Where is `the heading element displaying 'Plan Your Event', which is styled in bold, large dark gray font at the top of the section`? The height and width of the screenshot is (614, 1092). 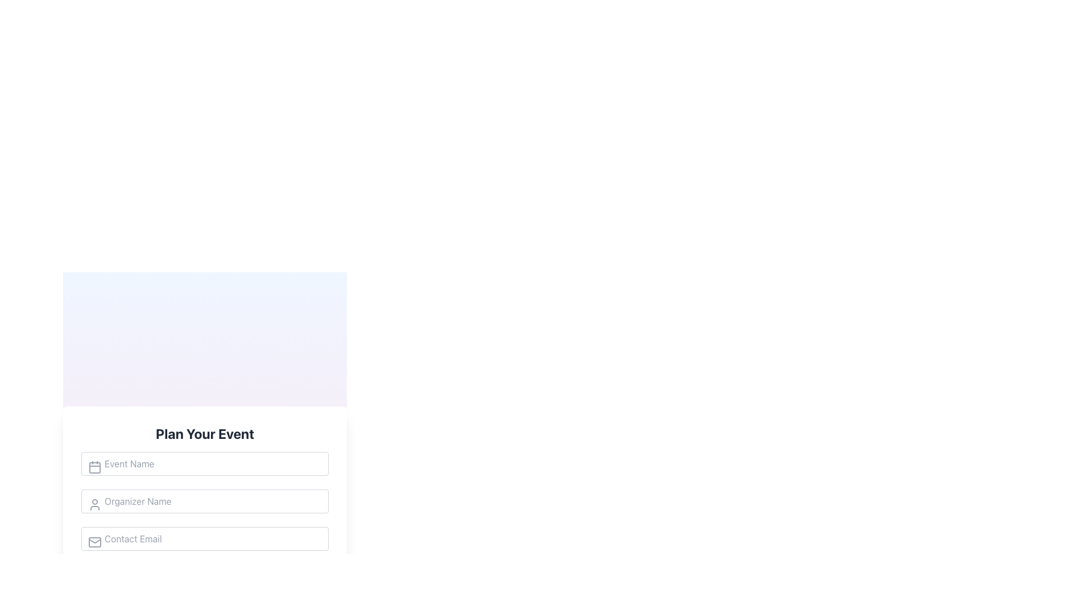 the heading element displaying 'Plan Your Event', which is styled in bold, large dark gray font at the top of the section is located at coordinates (205, 434).